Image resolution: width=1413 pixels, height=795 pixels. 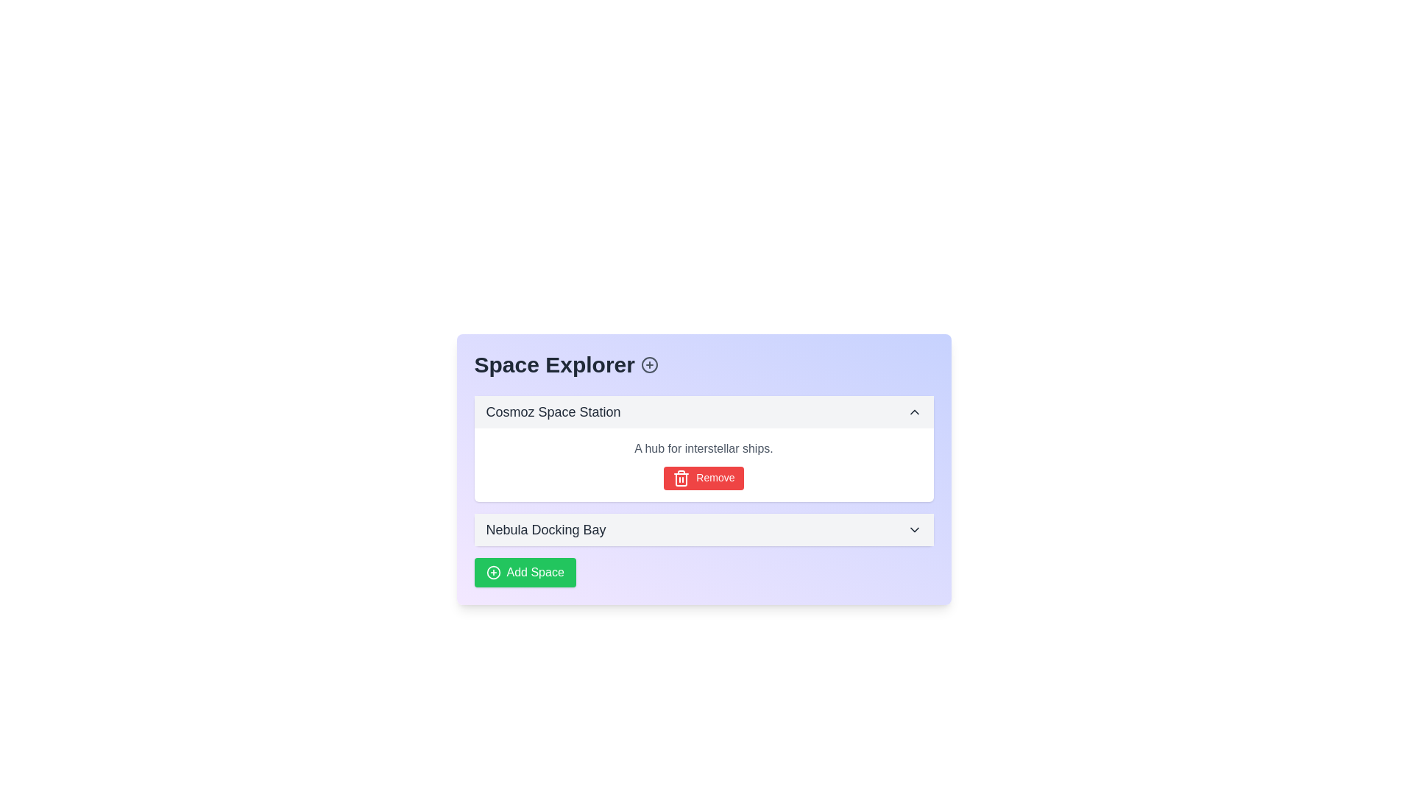 I want to click on the 'Remove' button with a red background and a trash icon, so click(x=703, y=478).